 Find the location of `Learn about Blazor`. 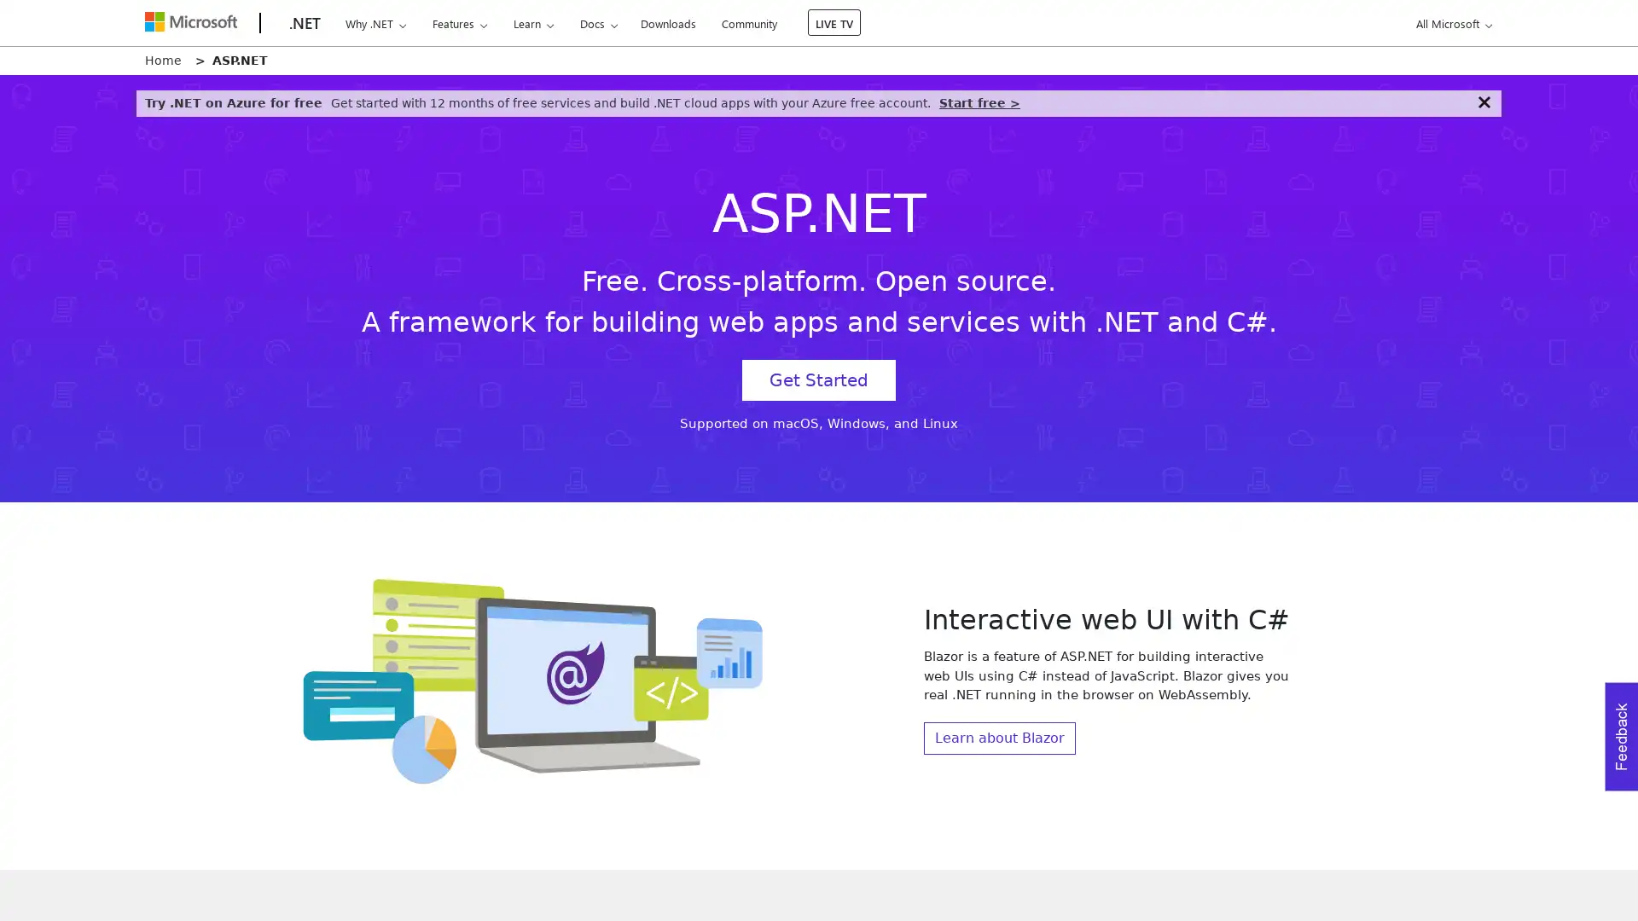

Learn about Blazor is located at coordinates (999, 736).